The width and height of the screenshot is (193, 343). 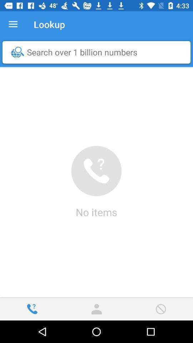 What do you see at coordinates (13, 24) in the screenshot?
I see `the item to the left of the lookup` at bounding box center [13, 24].